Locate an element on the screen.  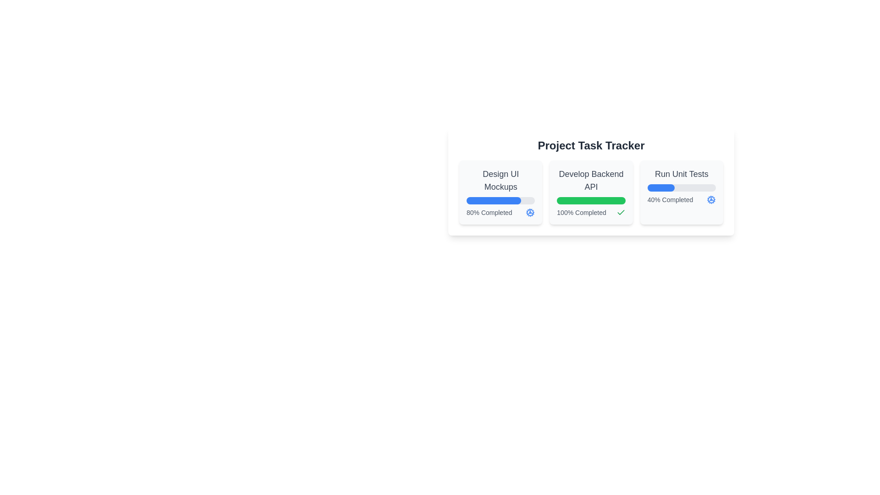
the text label displaying the progress indicator '40% Completed', which is located in the bottom section of the 'Run Unit Tests' card, to the right of the progress bar and aligned with the spinning cogwheel icon is located at coordinates (682, 199).